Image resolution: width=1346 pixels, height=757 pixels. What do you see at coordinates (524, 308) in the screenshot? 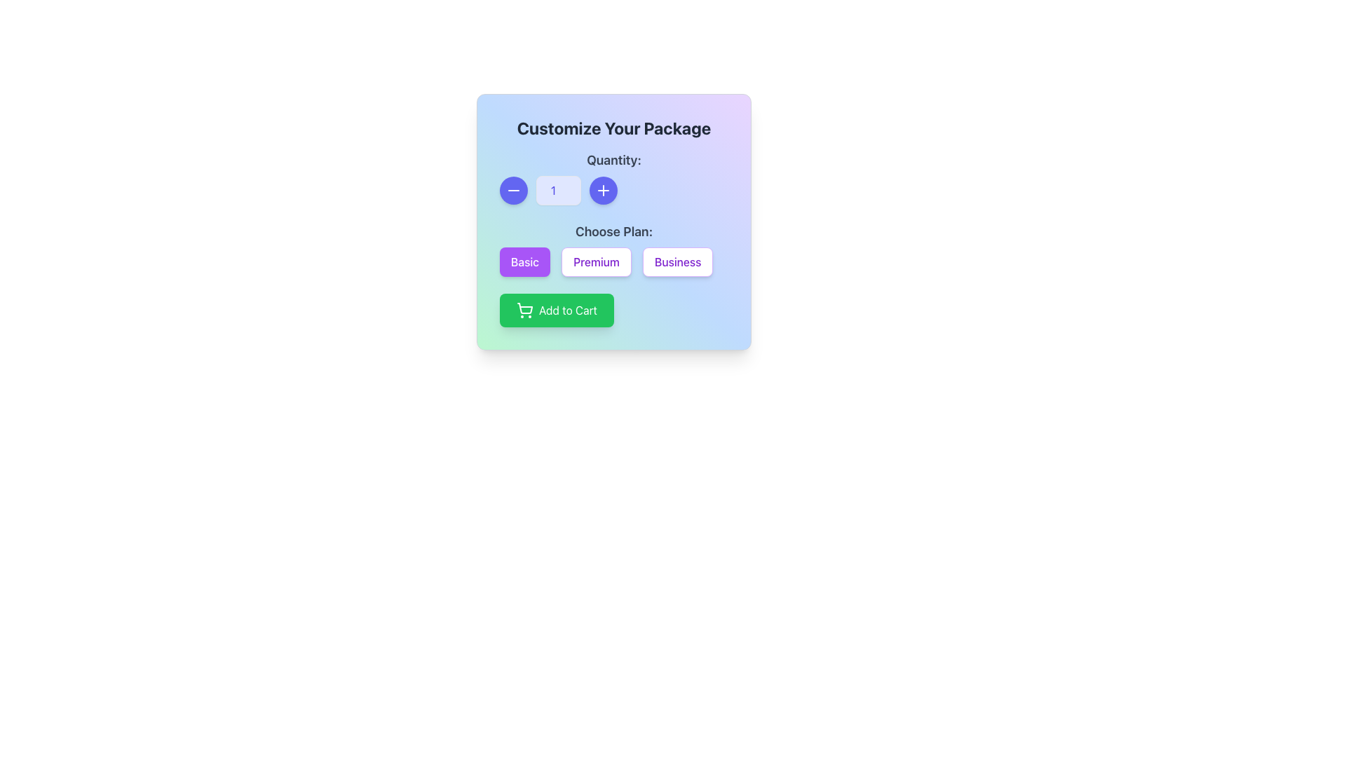
I see `the main body of the shopping cart icon, which is part of the green 'Add to Cart' button` at bounding box center [524, 308].